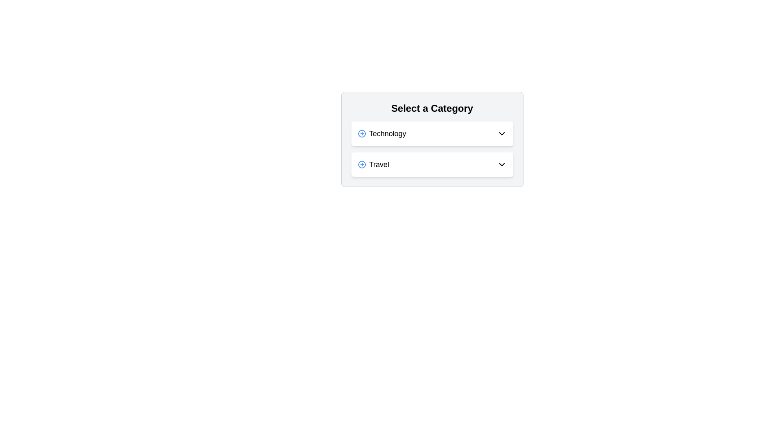 The width and height of the screenshot is (781, 439). What do you see at coordinates (361, 133) in the screenshot?
I see `the icon that serves as an indicator or trigger related to the 'Technology' label, positioned to the left of the text` at bounding box center [361, 133].